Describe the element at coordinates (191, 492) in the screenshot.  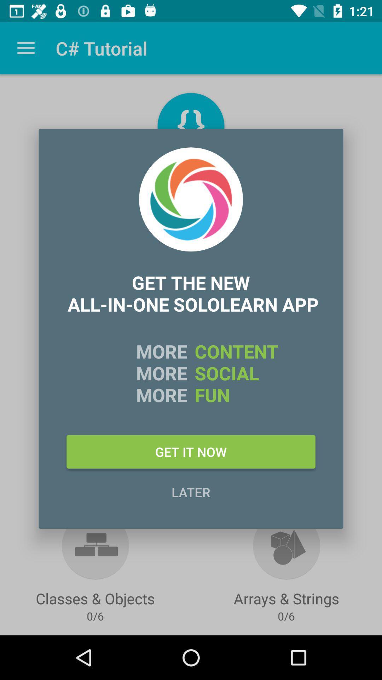
I see `the item below get it now item` at that location.